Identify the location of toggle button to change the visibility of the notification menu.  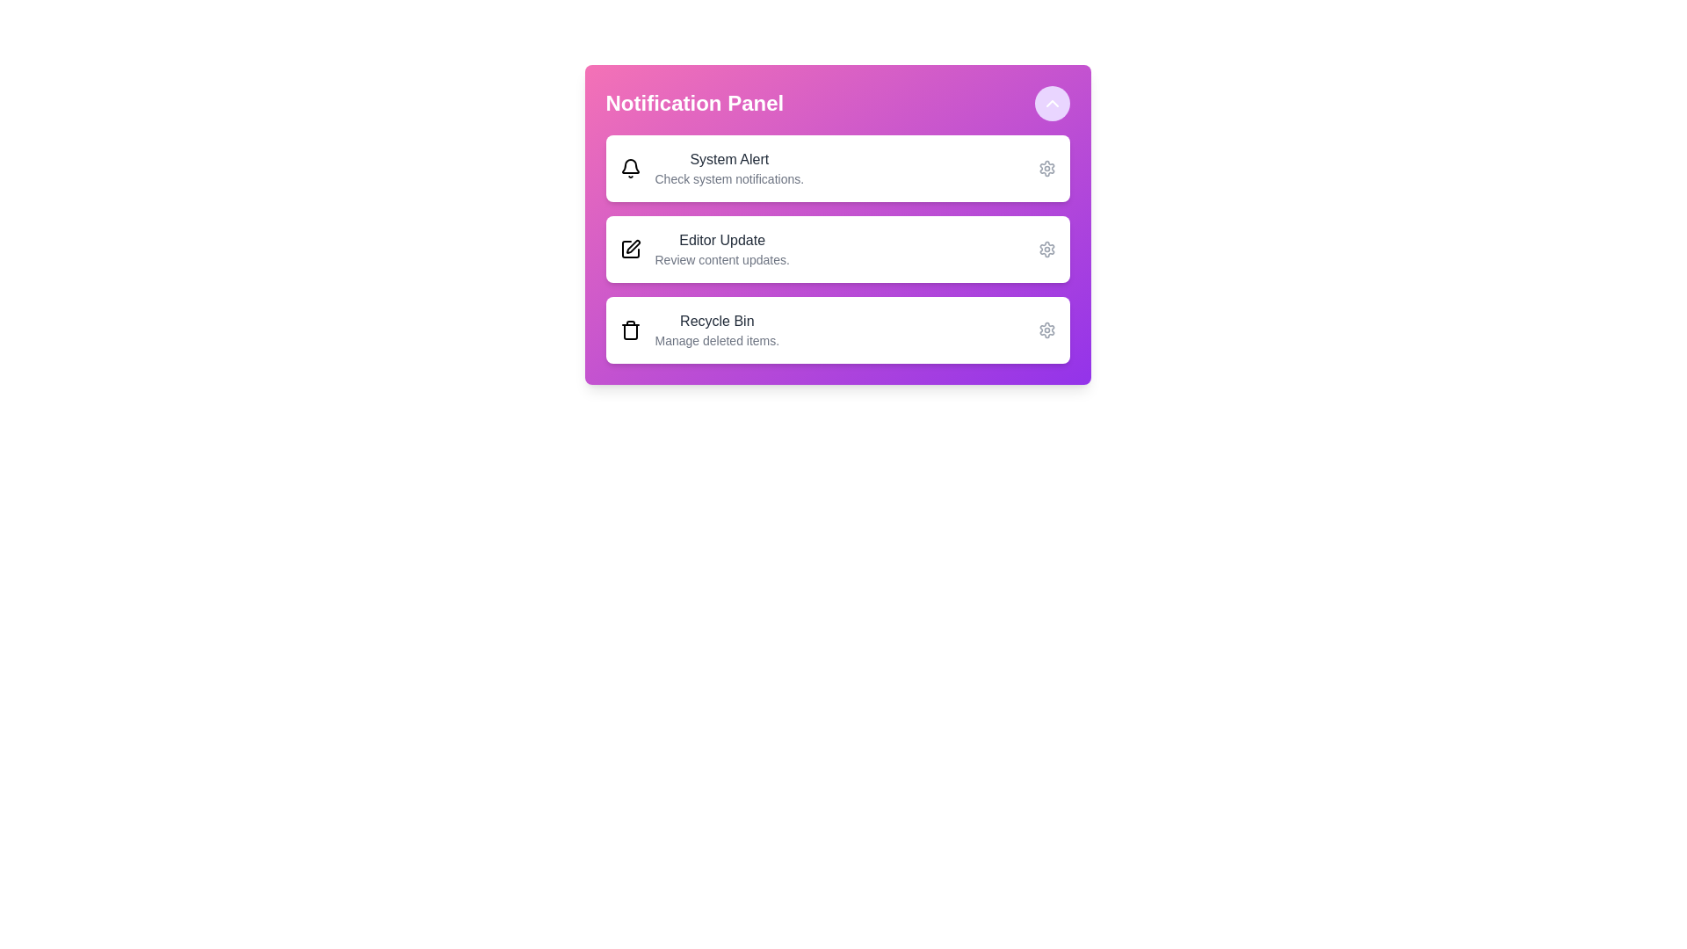
(1052, 104).